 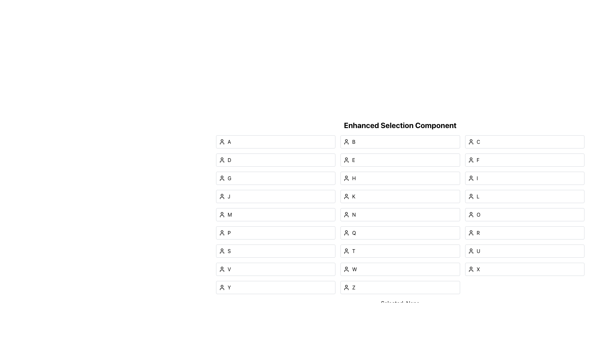 I want to click on the button that selects the letter 'I,' which is the third button, so click(x=524, y=178).